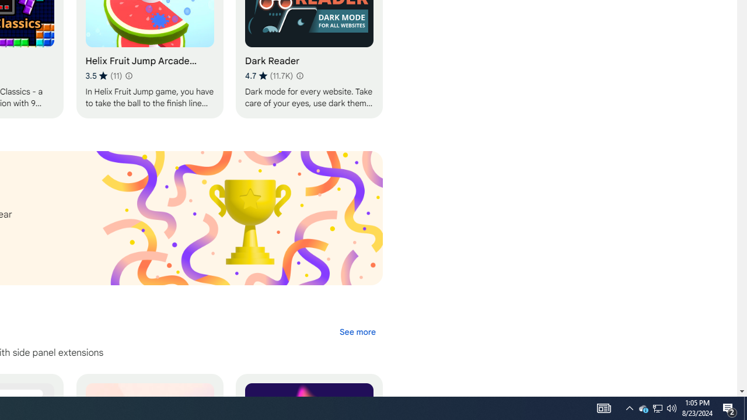  What do you see at coordinates (299, 75) in the screenshot?
I see `'Learn more about results and reviews "Dark Reader"'` at bounding box center [299, 75].